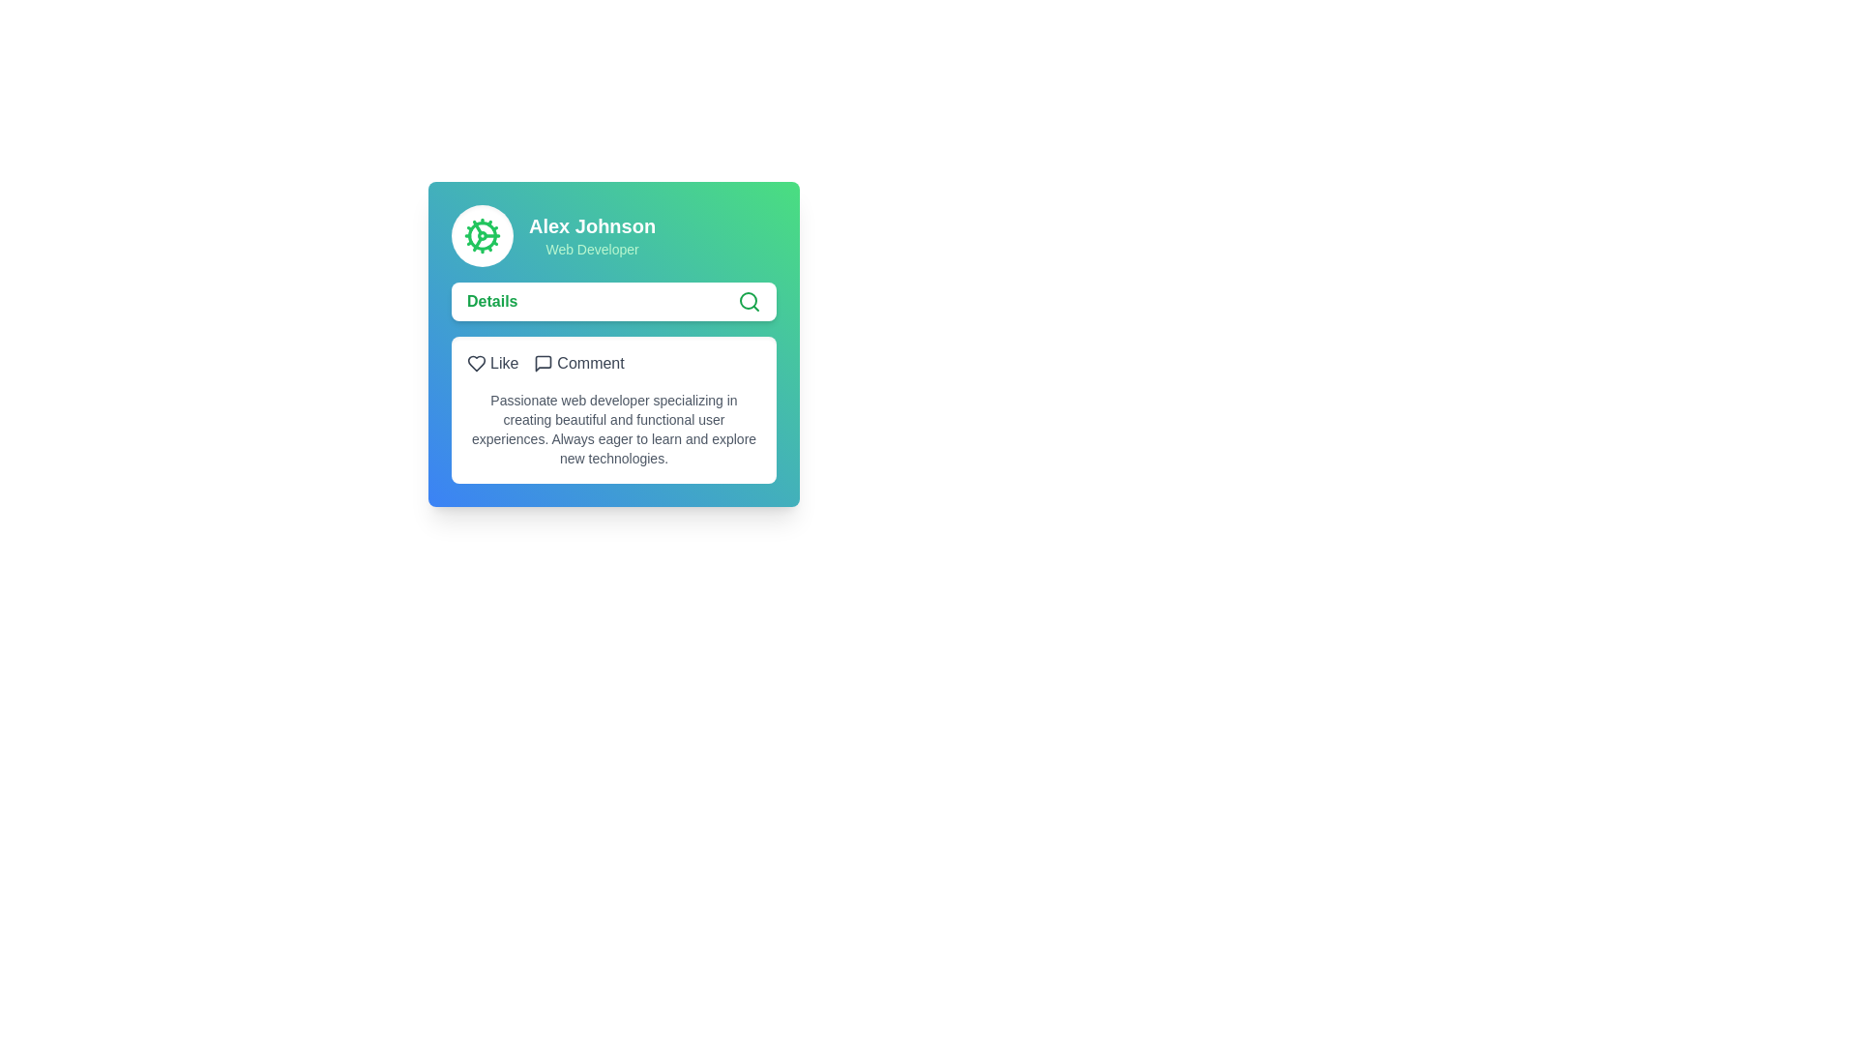 This screenshot has height=1045, width=1857. I want to click on text label displaying 'Alex Johnson', which serves as the name header for the profile card, located at the top of the green gradient section in the mini-profile card interface, so click(591, 225).